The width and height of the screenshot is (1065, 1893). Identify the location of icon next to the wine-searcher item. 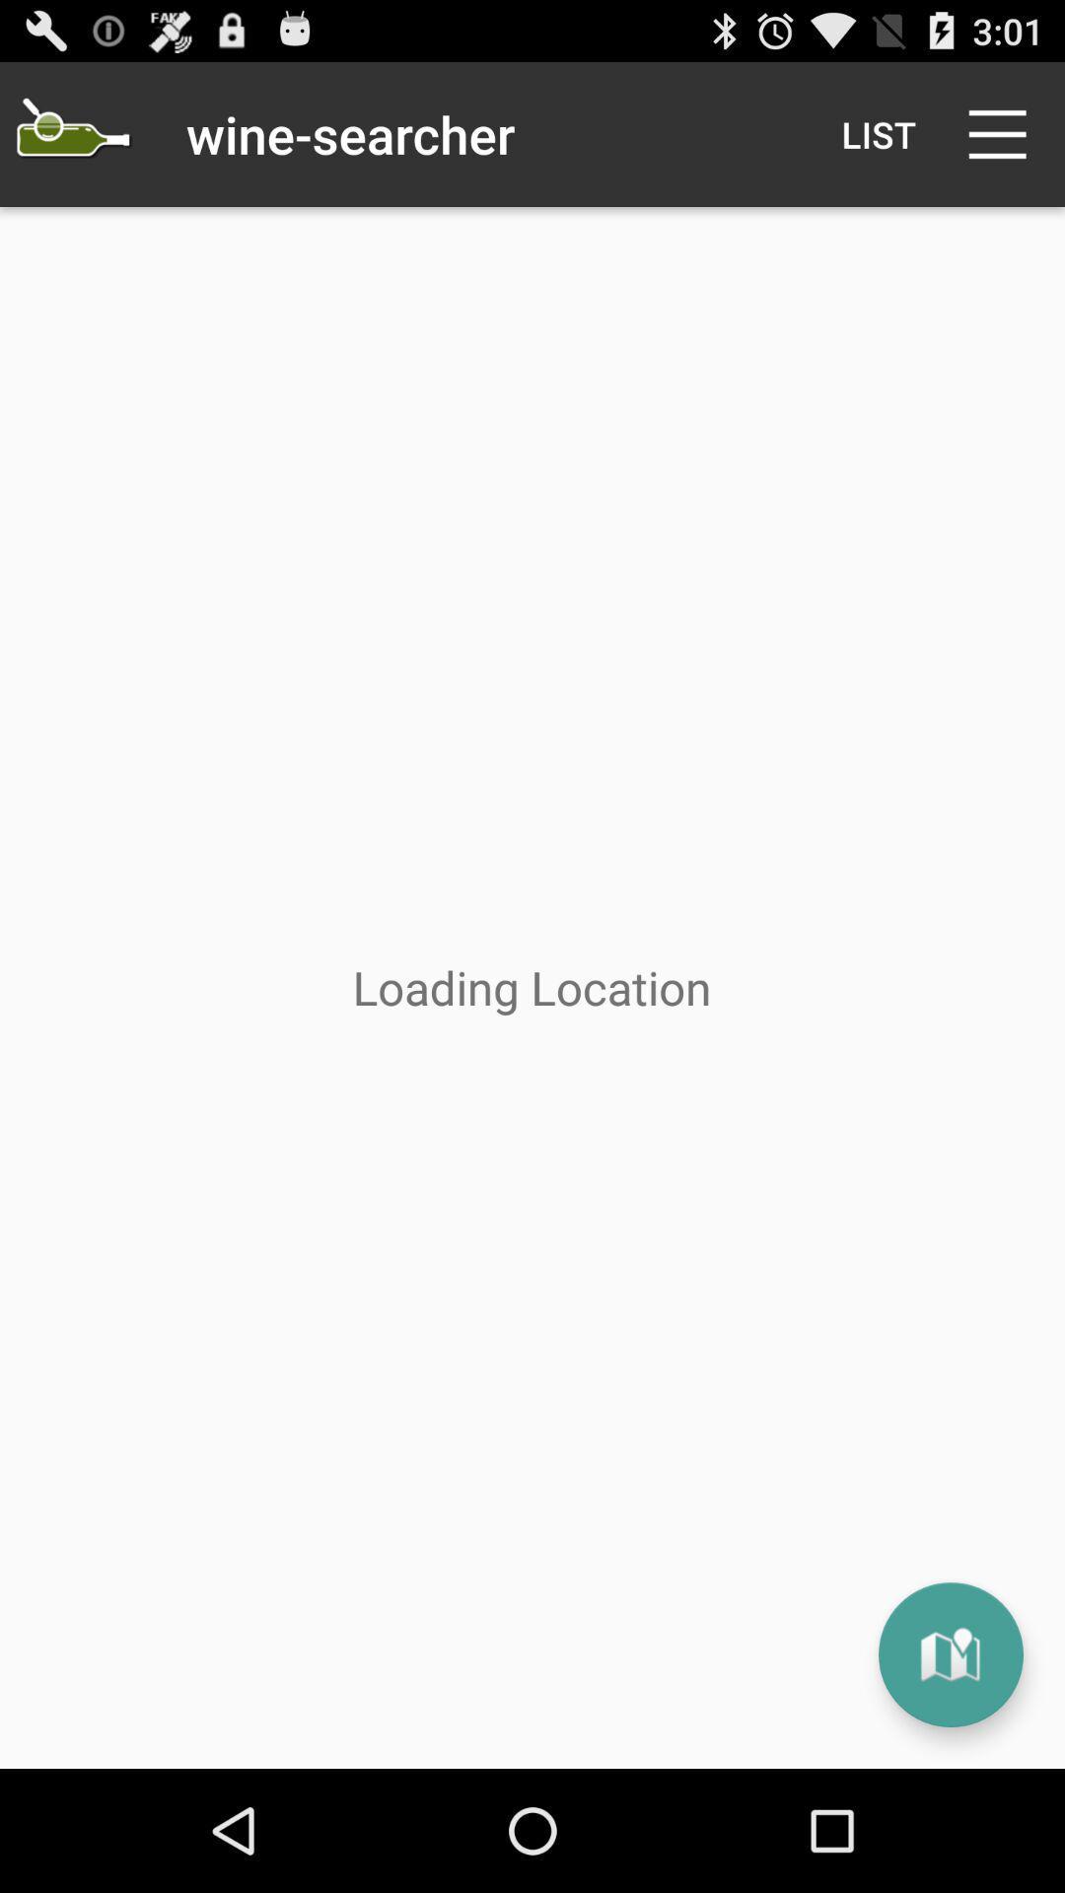
(878, 133).